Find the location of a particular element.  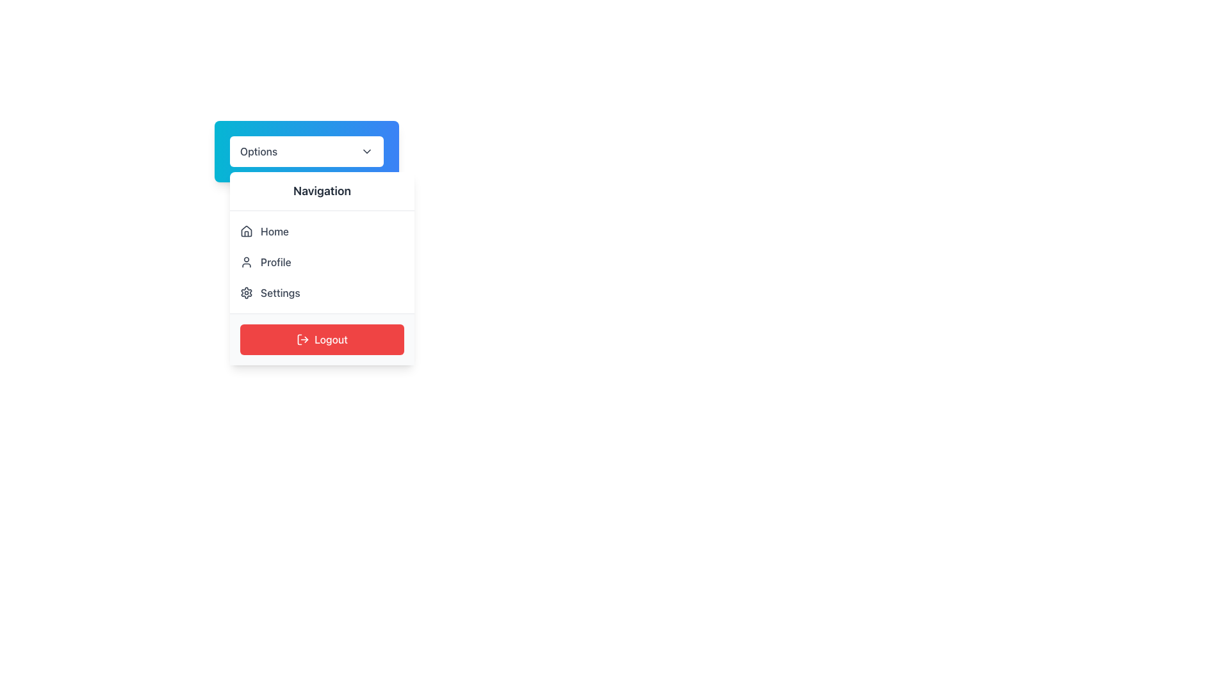

the 'log out' icon, which is a white vector graphic with an arrow pointing outward is located at coordinates (302, 339).